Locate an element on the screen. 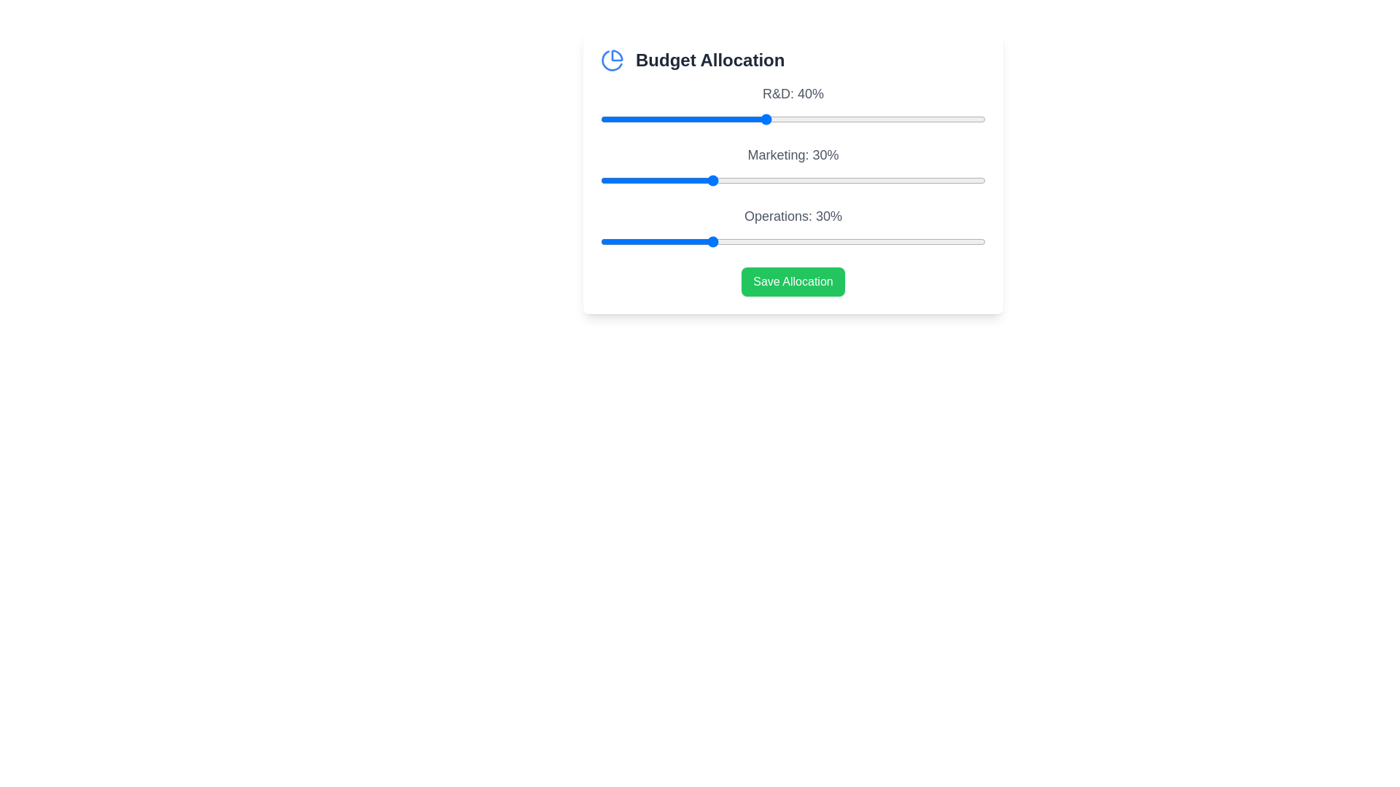 The width and height of the screenshot is (1400, 787). the 'Operations' slider to 30% is located at coordinates (710, 240).